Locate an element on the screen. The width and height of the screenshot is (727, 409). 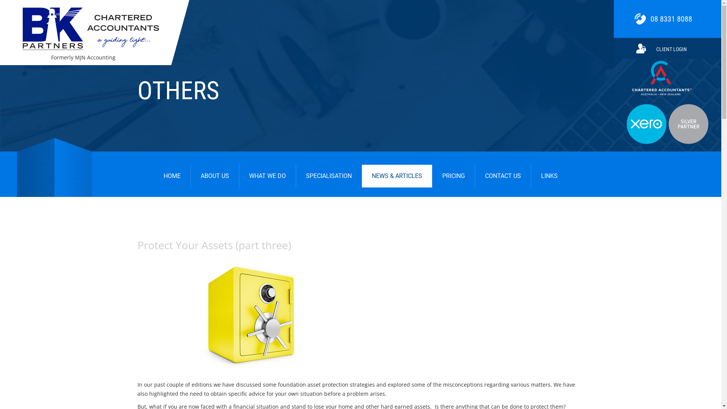
'LINKS' is located at coordinates (549, 176).